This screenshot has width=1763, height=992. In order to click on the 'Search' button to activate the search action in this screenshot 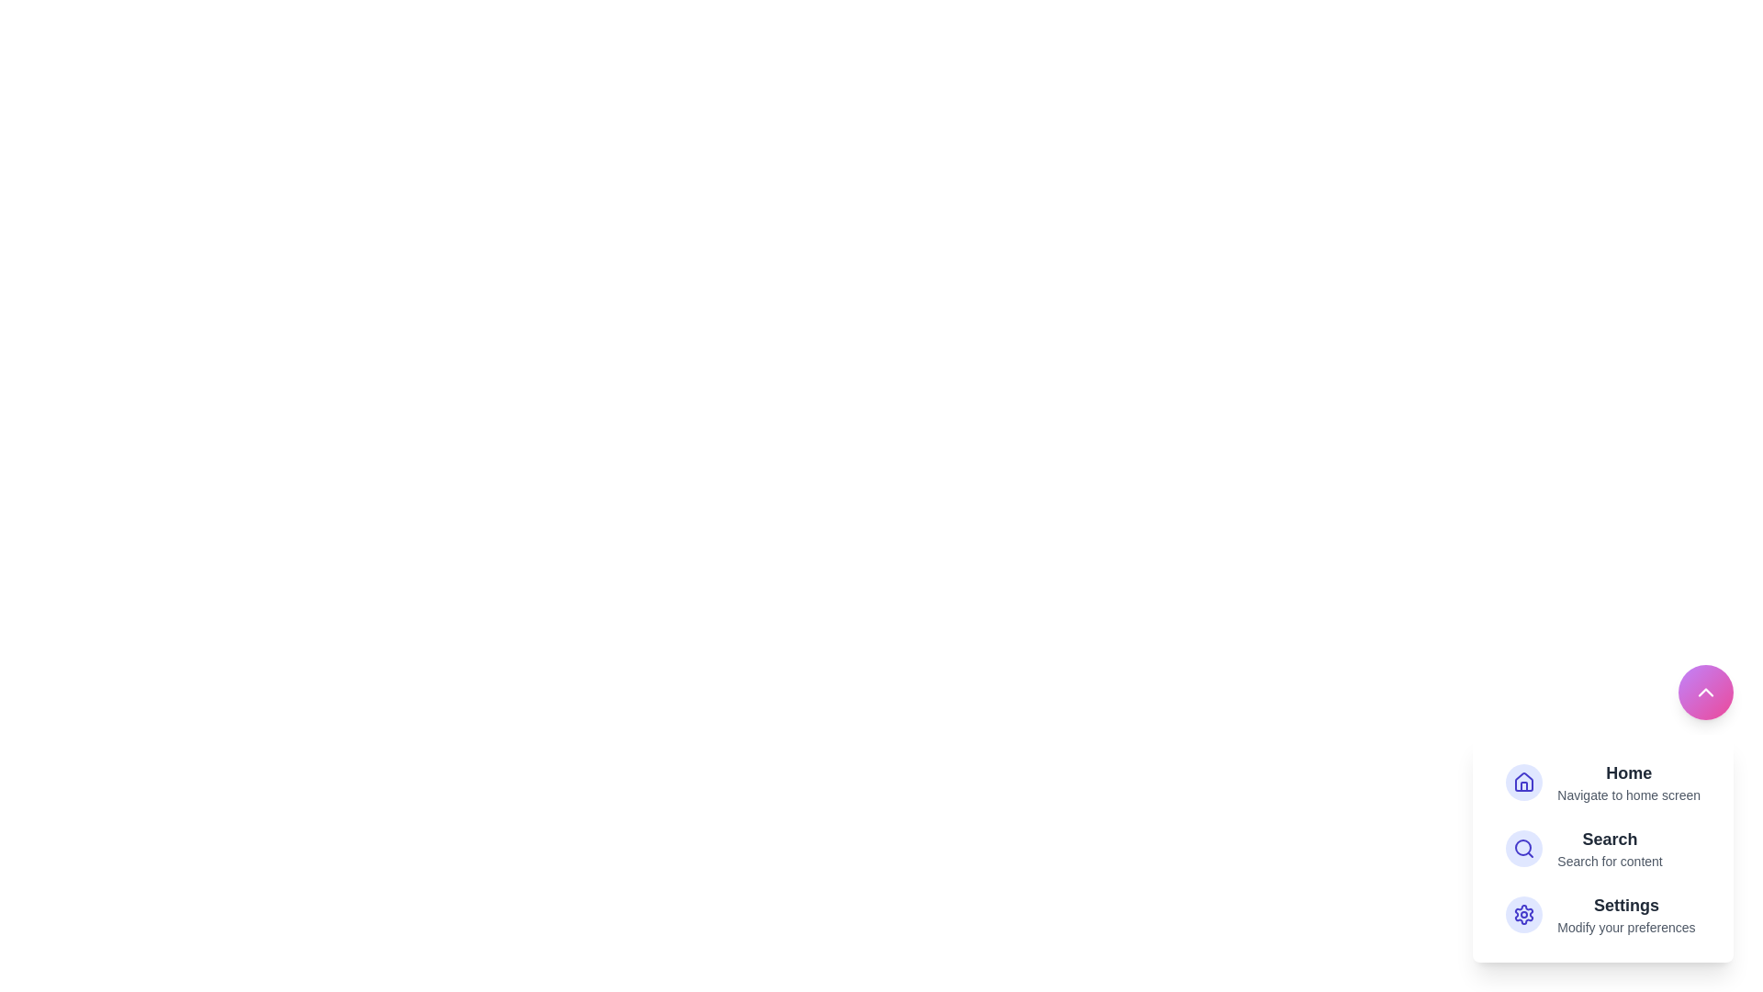, I will do `click(1602, 849)`.